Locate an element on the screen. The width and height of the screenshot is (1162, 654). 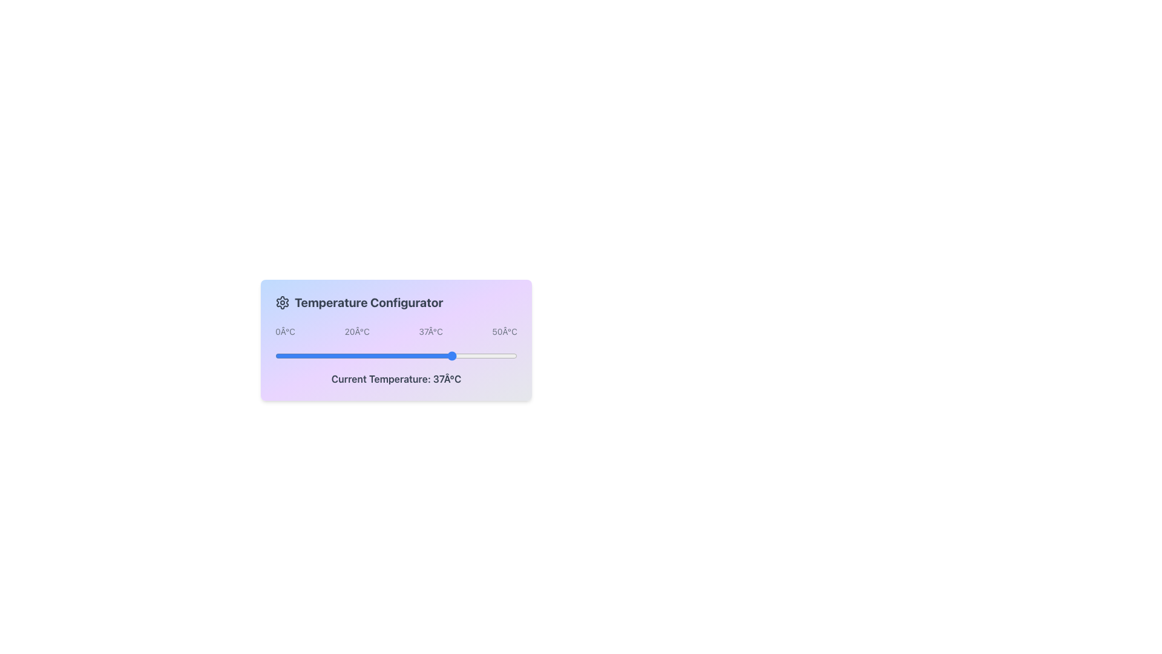
the temperature is located at coordinates (313, 355).